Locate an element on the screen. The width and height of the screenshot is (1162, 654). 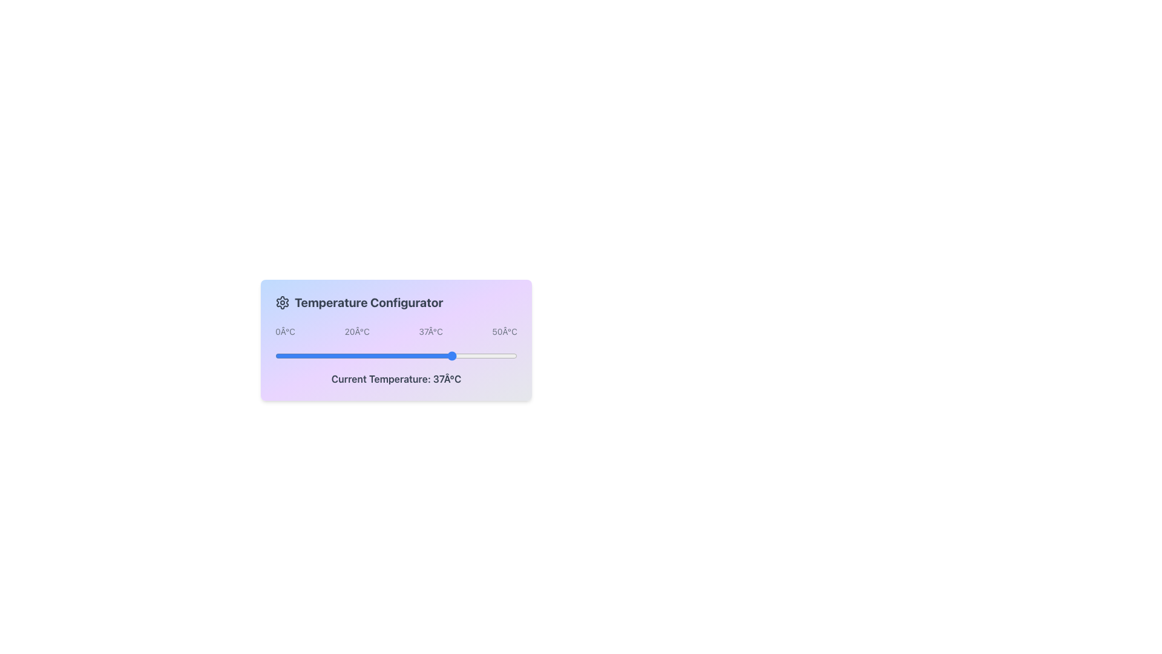
the temperature is located at coordinates (313, 355).